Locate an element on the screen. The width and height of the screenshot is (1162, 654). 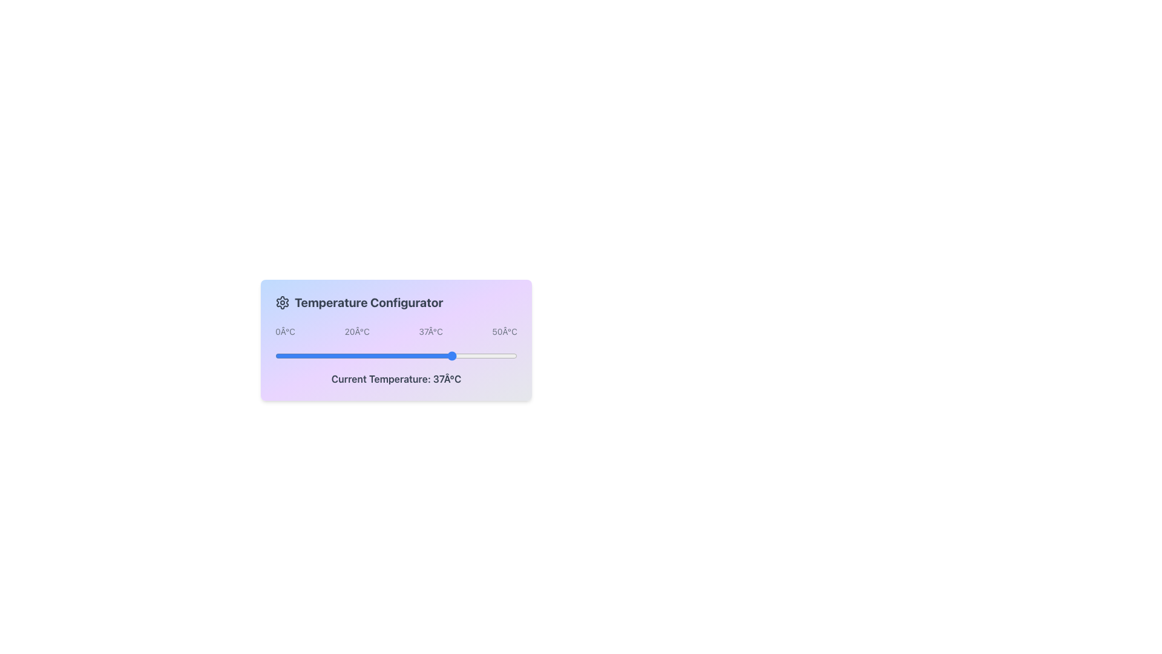
the temperature is located at coordinates (313, 355).